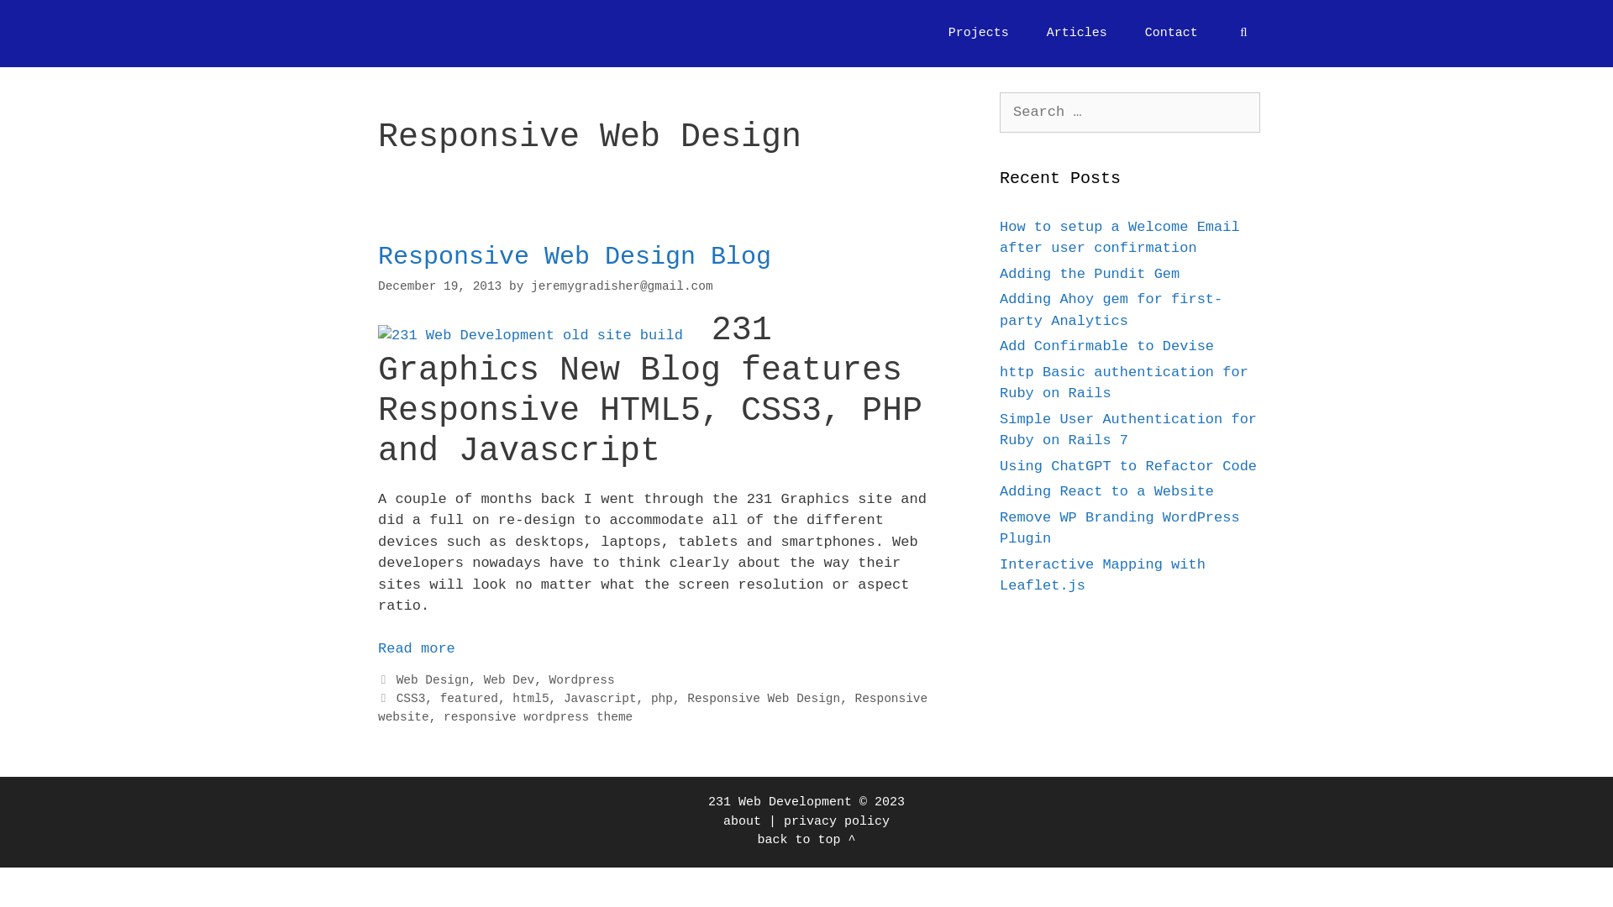  What do you see at coordinates (741, 820) in the screenshot?
I see `'about'` at bounding box center [741, 820].